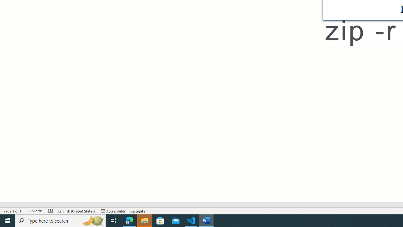  What do you see at coordinates (35, 211) in the screenshot?
I see `'Word Count 32 words'` at bounding box center [35, 211].